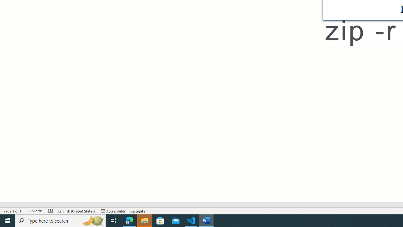  What do you see at coordinates (35, 211) in the screenshot?
I see `'Word Count 32 words'` at bounding box center [35, 211].